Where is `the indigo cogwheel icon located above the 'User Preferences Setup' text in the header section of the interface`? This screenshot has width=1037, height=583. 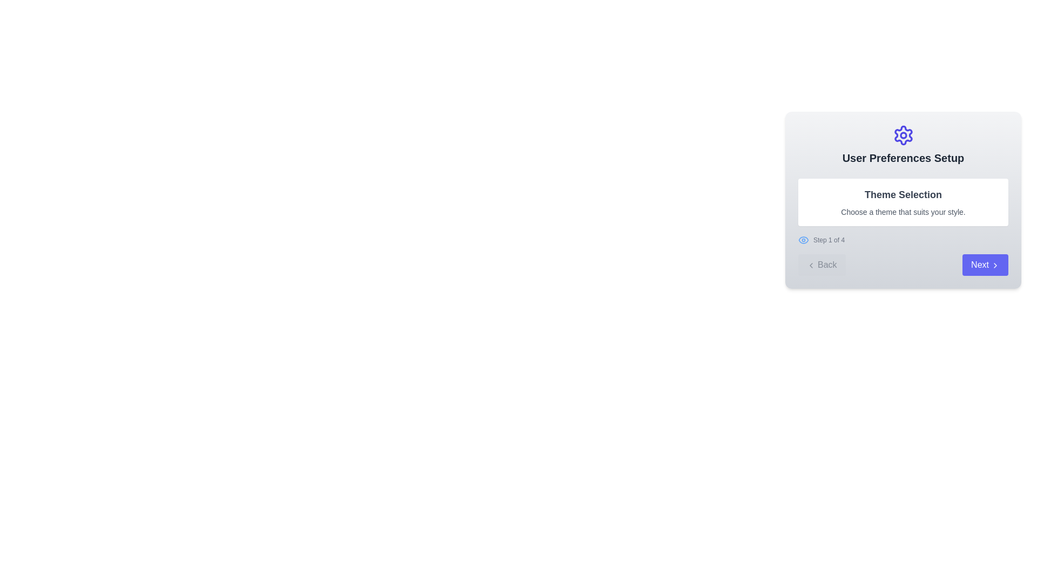
the indigo cogwheel icon located above the 'User Preferences Setup' text in the header section of the interface is located at coordinates (903, 134).